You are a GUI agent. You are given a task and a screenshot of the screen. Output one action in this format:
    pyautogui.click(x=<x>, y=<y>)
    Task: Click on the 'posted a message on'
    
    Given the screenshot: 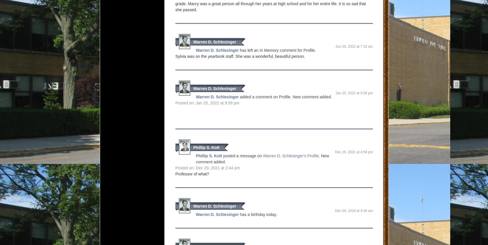 What is the action you would take?
    pyautogui.click(x=242, y=156)
    